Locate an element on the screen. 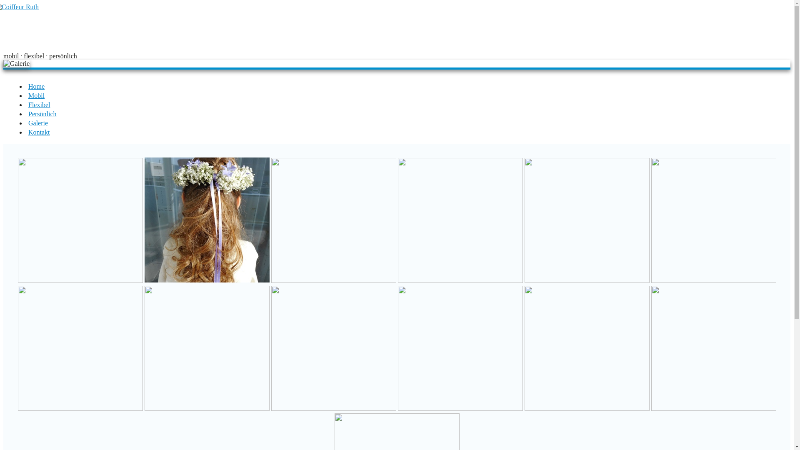 This screenshot has height=450, width=800. 'Home' is located at coordinates (36, 86).